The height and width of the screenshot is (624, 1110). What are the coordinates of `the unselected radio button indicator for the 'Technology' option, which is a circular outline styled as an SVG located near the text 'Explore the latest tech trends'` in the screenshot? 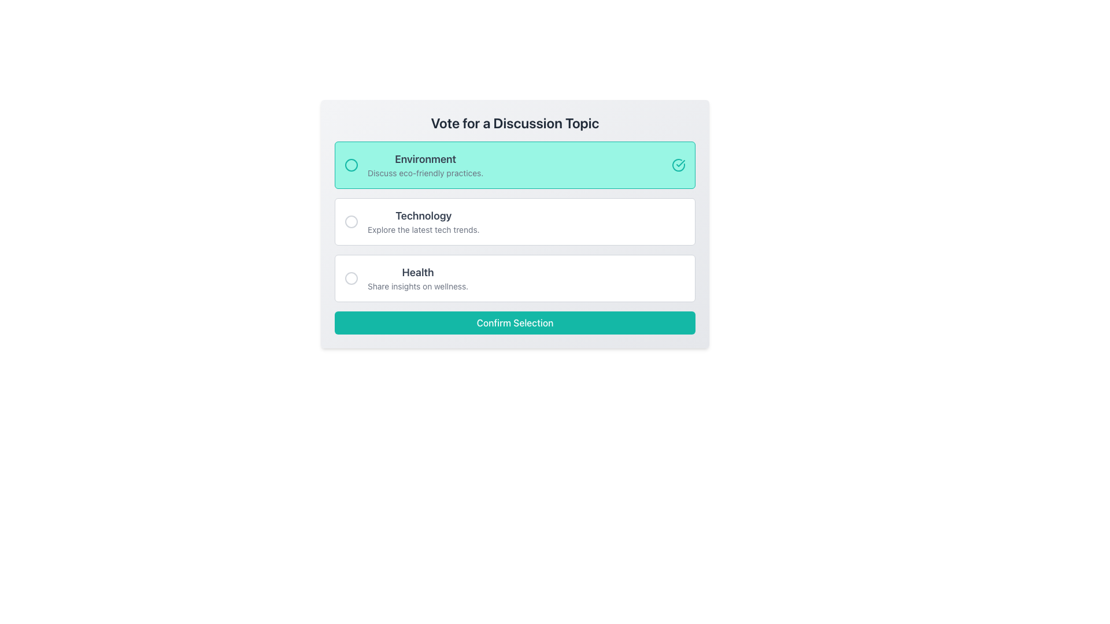 It's located at (351, 222).